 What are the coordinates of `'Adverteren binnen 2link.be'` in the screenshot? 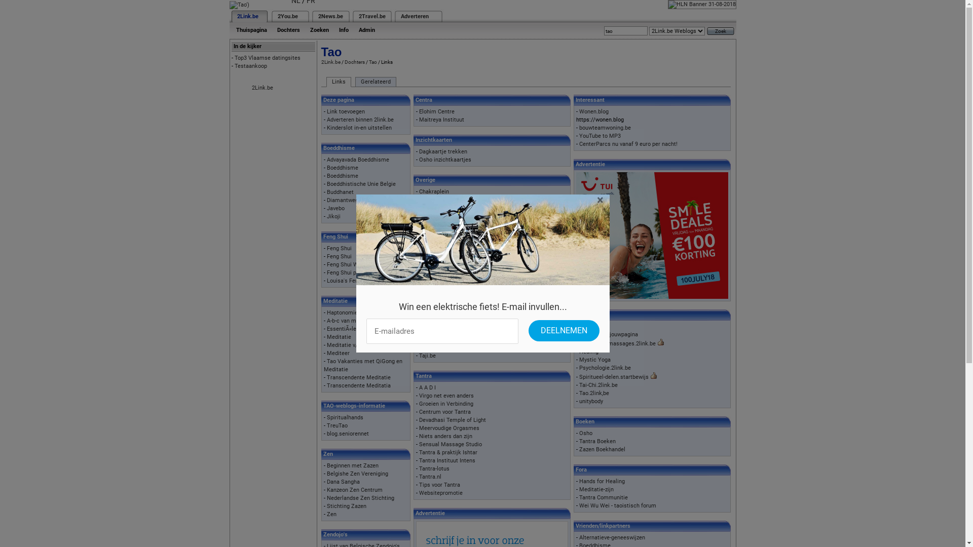 It's located at (360, 119).